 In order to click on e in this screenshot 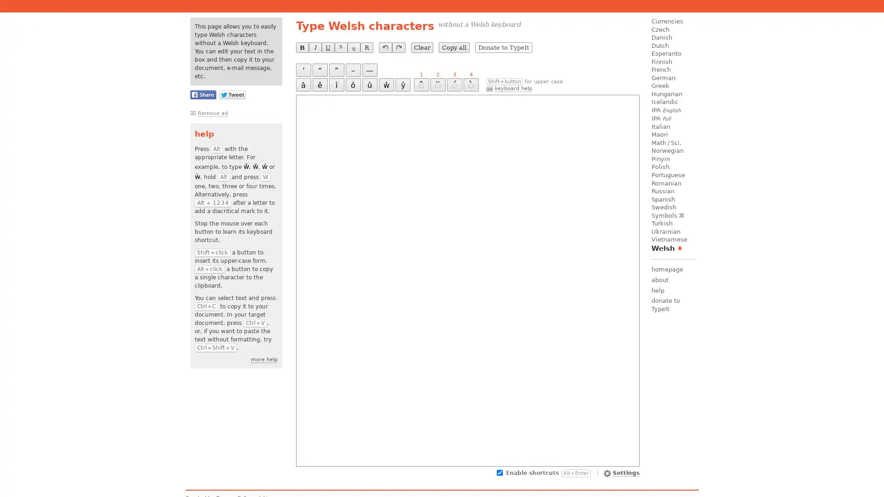, I will do `click(320, 85)`.